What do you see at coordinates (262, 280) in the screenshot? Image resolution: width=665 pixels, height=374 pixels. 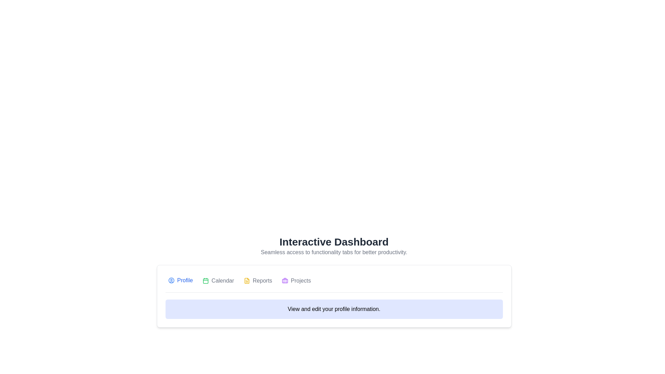 I see `the 'Reports' tab label in the navigation menu, which is the fourth item from the left, positioned between the 'Calendar' and 'Projects' tabs` at bounding box center [262, 280].